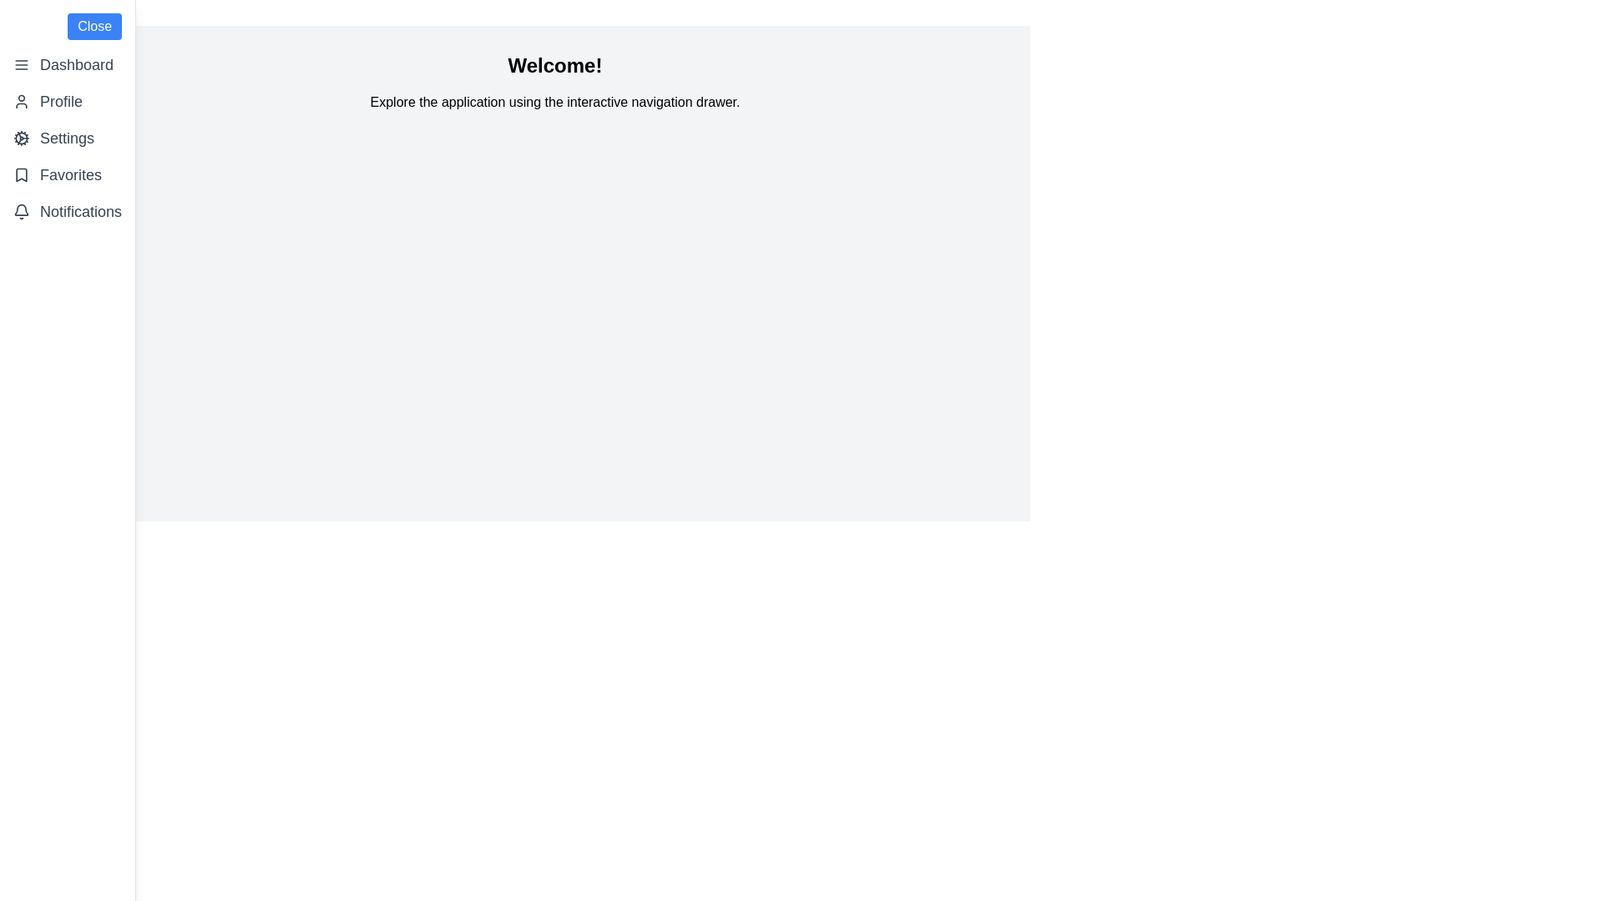 Image resolution: width=1603 pixels, height=901 pixels. What do you see at coordinates (67, 102) in the screenshot?
I see `the navigation item Profile` at bounding box center [67, 102].